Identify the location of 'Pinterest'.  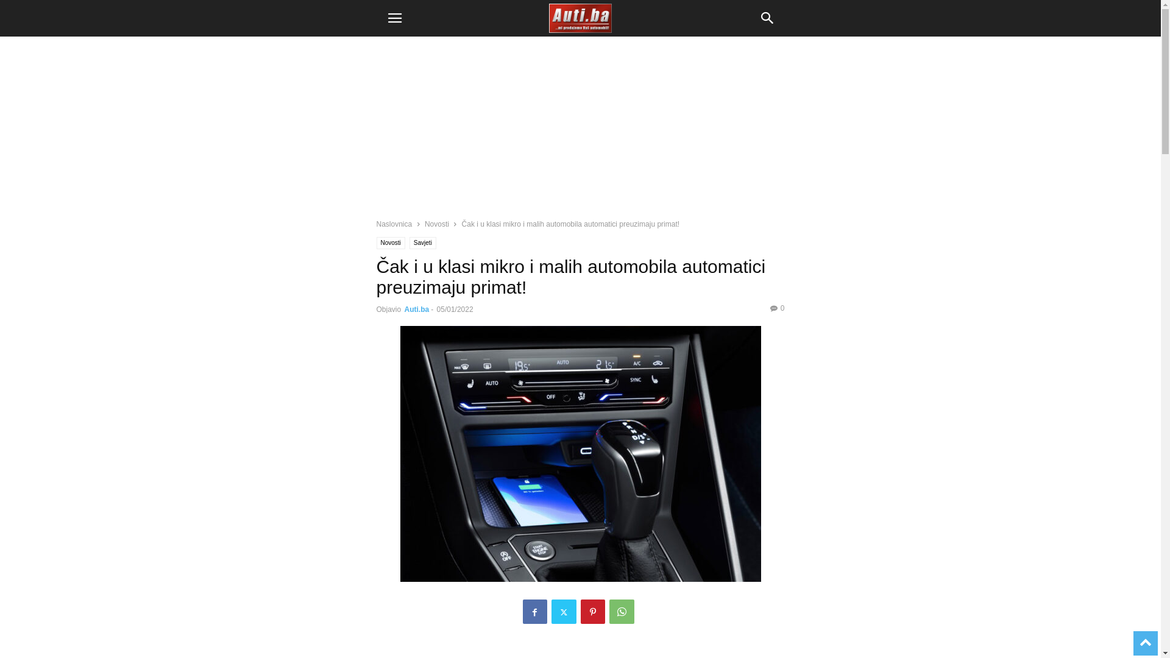
(579, 611).